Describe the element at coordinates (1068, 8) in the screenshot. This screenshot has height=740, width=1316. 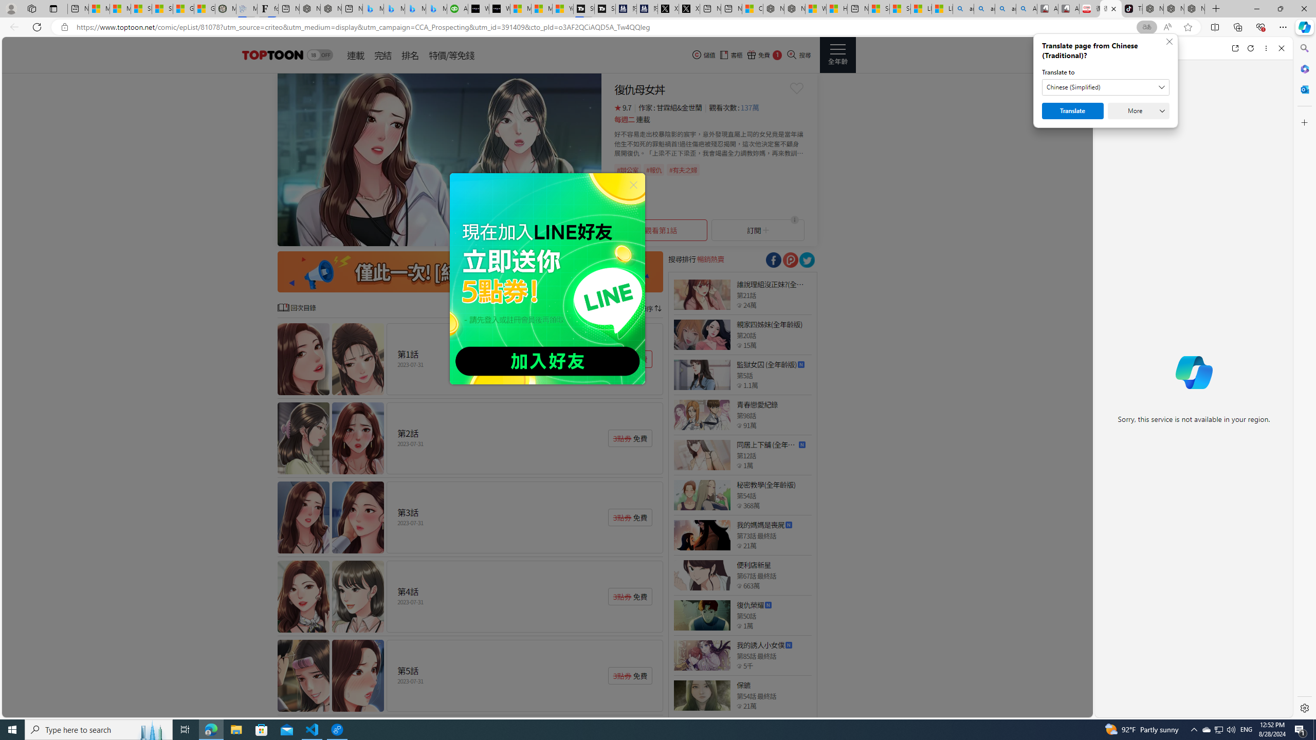
I see `'All Cubot phones'` at that location.